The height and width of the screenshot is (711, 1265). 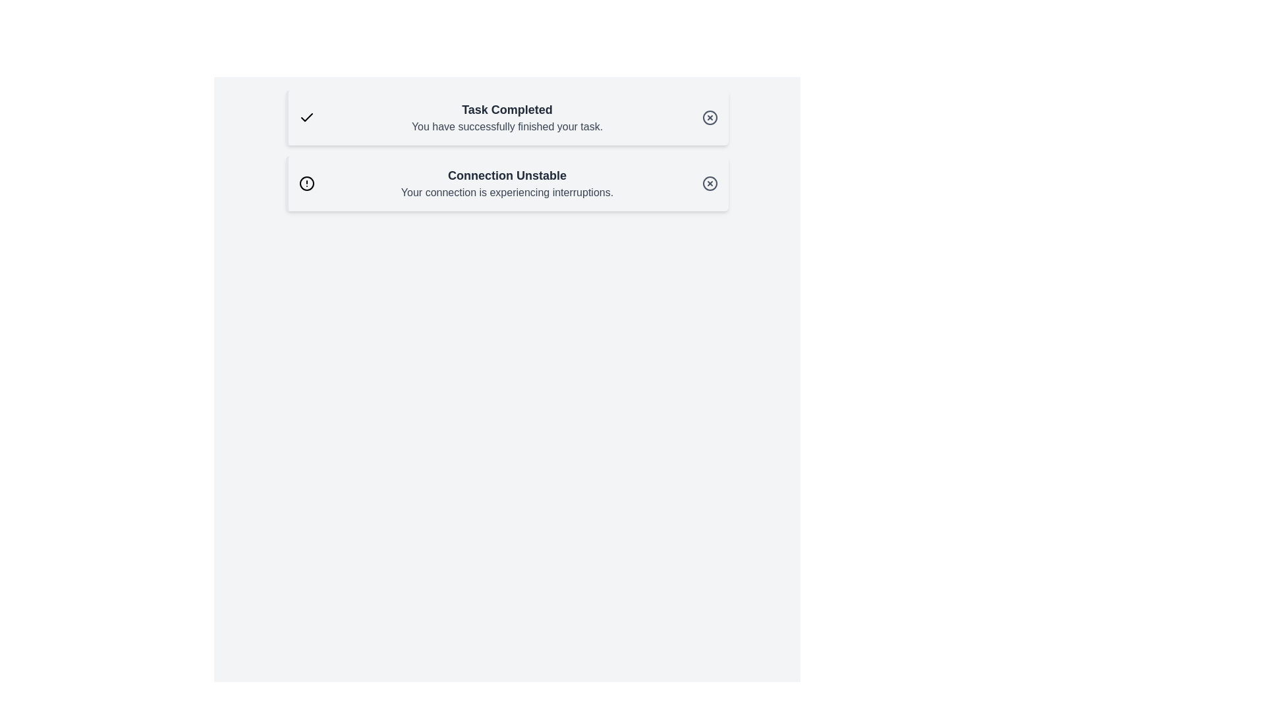 What do you see at coordinates (506, 183) in the screenshot?
I see `message from the Notification box titled 'Connection Unstable' which states 'Your connection is experiencing interruptions.'` at bounding box center [506, 183].